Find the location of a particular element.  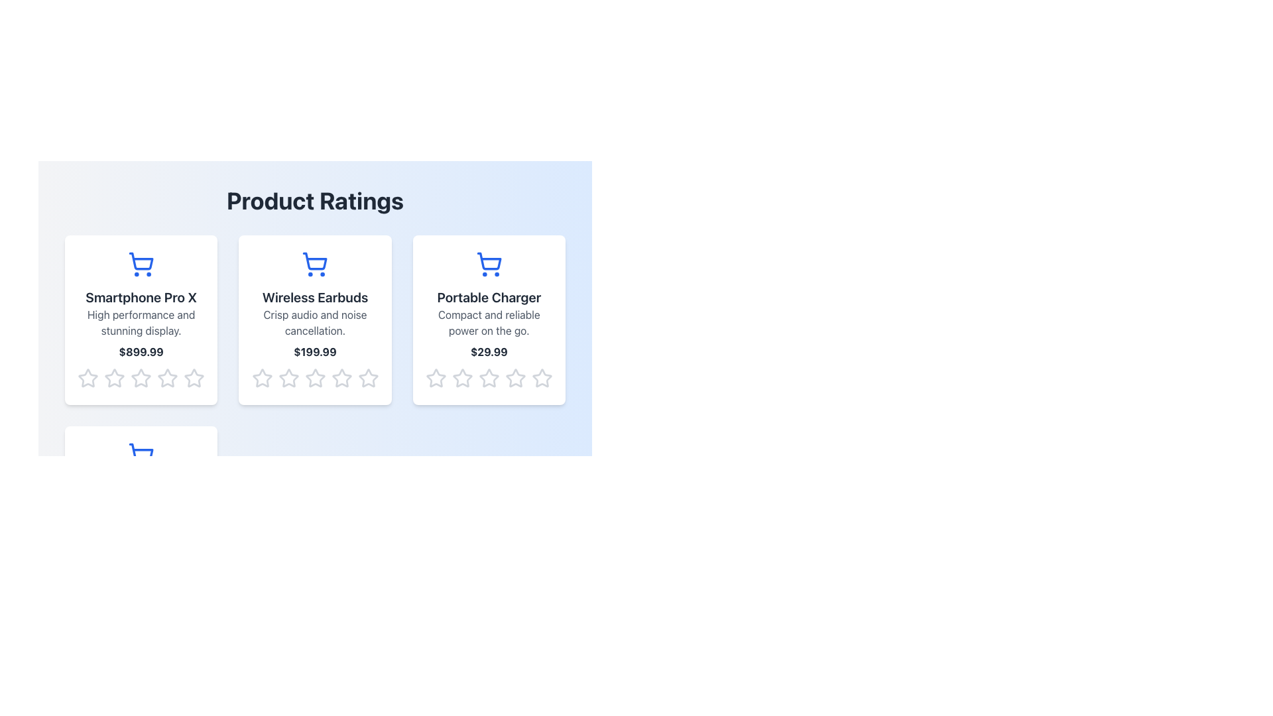

the second star icon in the rating system for the 'Smartphone Pro X' product is located at coordinates (167, 378).